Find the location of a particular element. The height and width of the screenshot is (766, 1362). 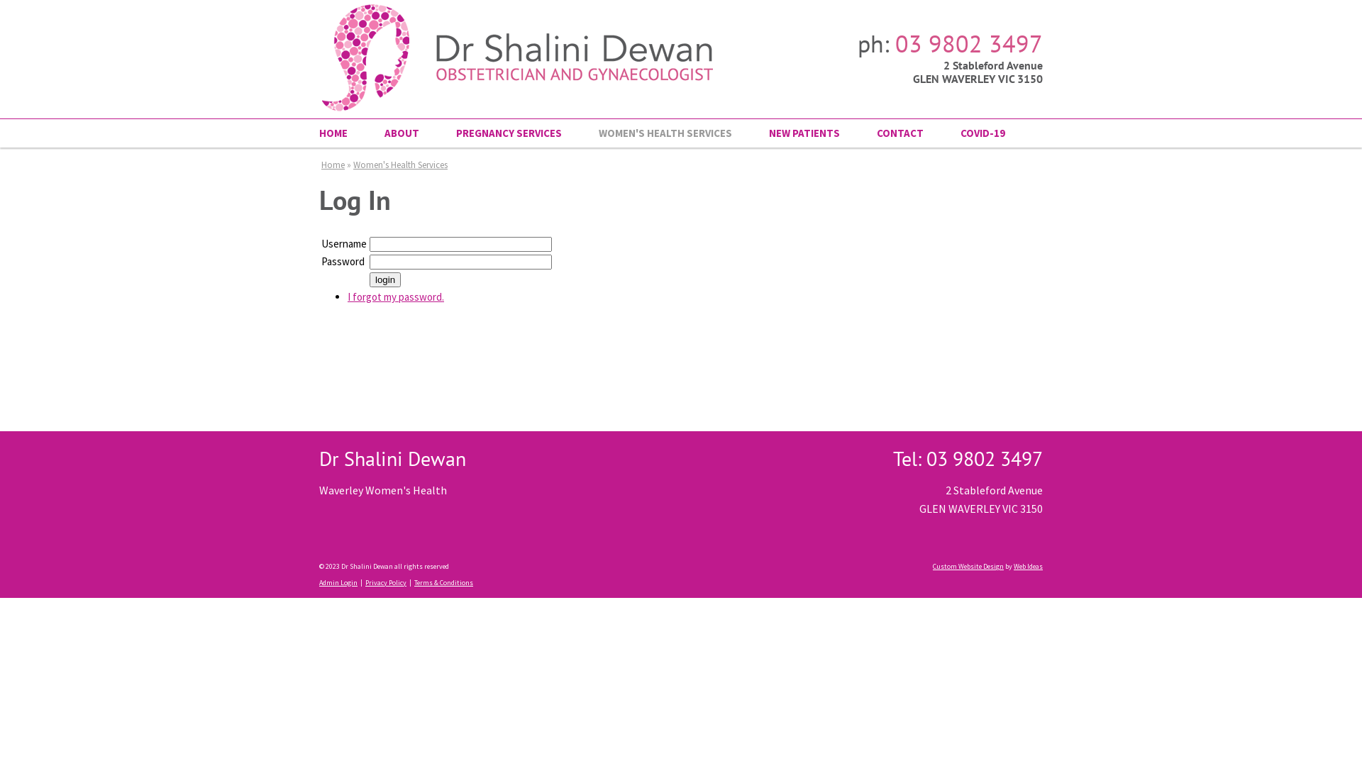

'login' is located at coordinates (370, 279).